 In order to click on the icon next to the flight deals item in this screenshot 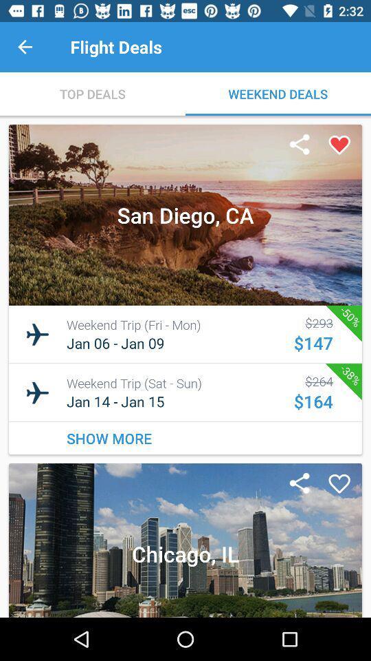, I will do `click(25, 47)`.